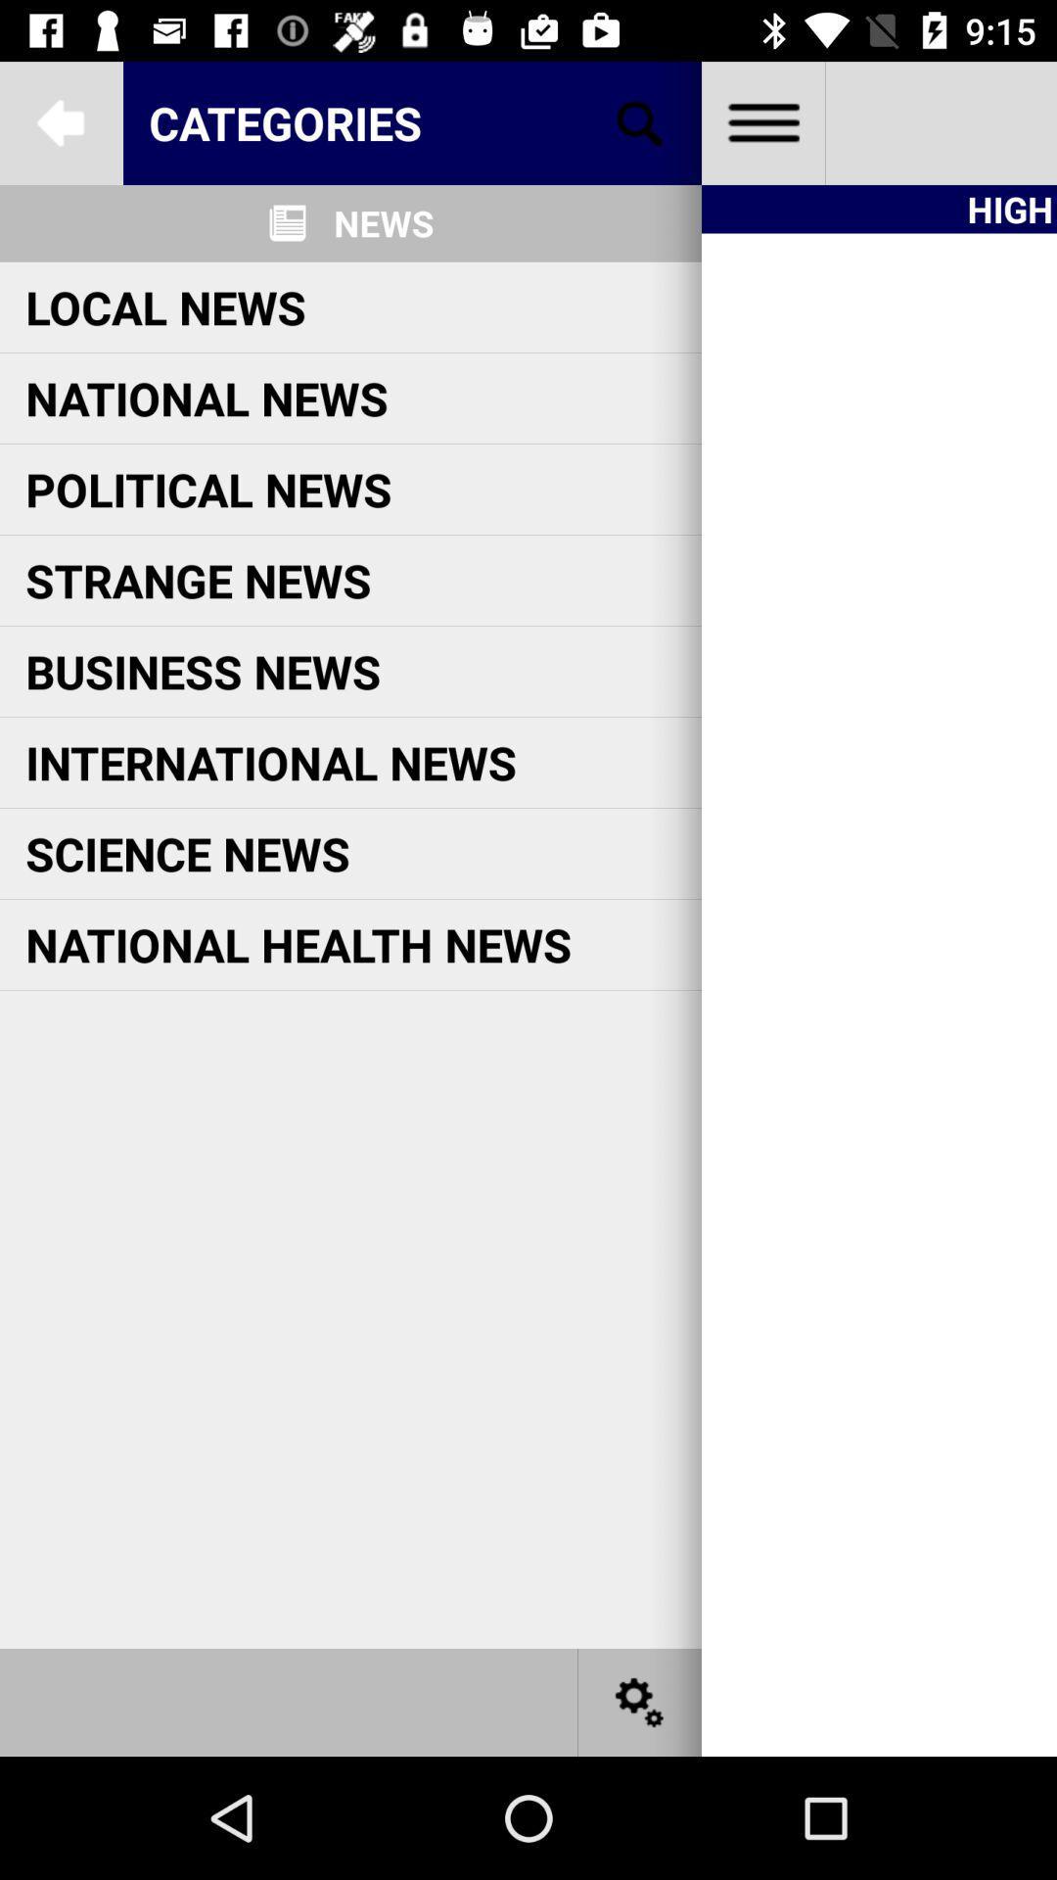 This screenshot has height=1880, width=1057. What do you see at coordinates (60, 121) in the screenshot?
I see `go back` at bounding box center [60, 121].